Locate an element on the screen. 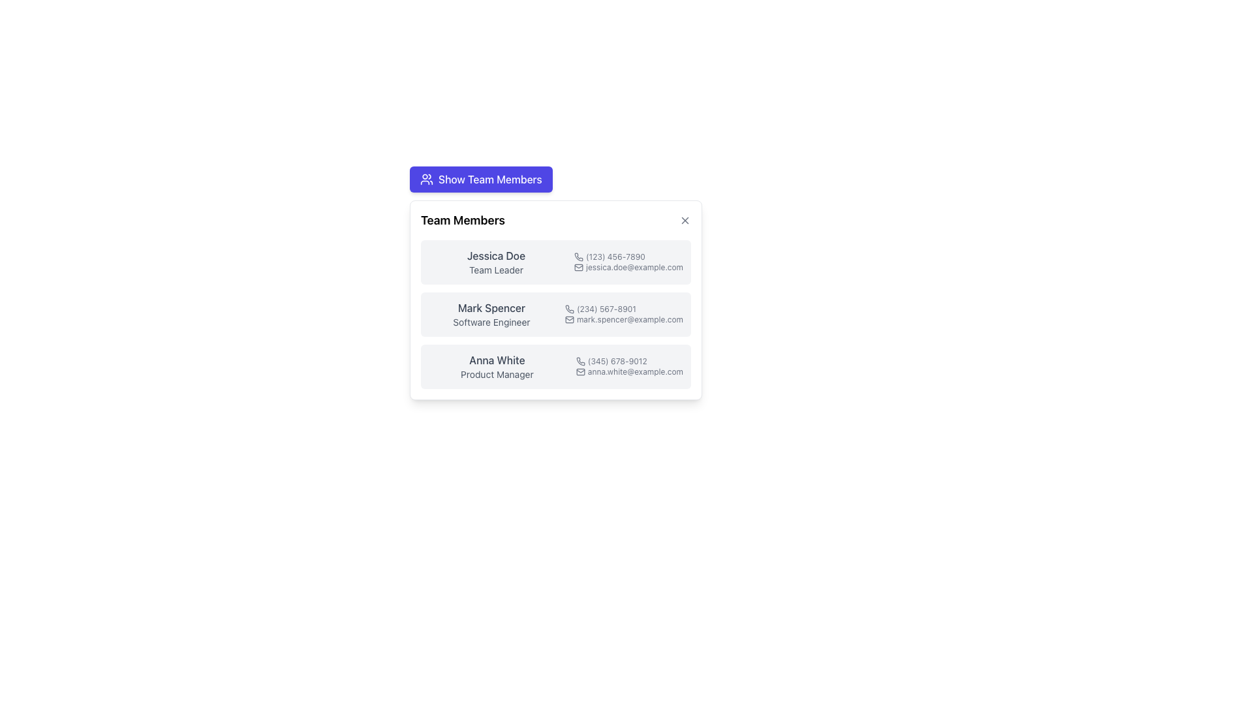  the informational text label displaying the job title associated with 'Anna White', located at the bottom of the third card in the vertical list of team members is located at coordinates (496, 375).